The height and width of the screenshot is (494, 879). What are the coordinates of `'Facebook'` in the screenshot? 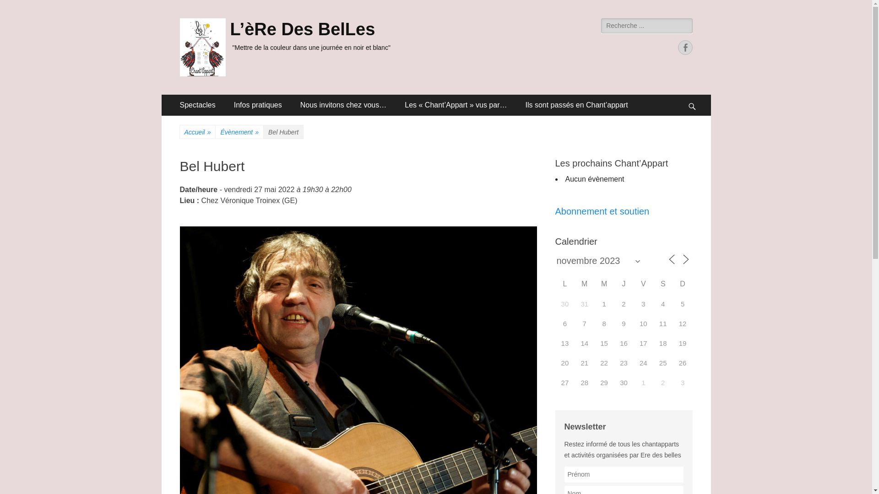 It's located at (685, 48).